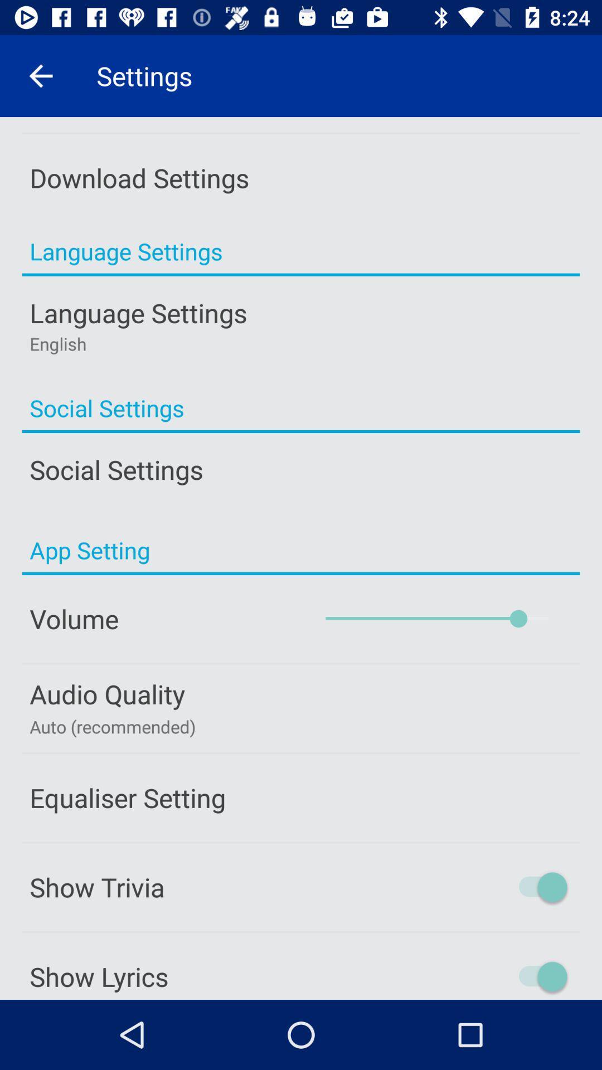 The height and width of the screenshot is (1070, 602). What do you see at coordinates (495, 976) in the screenshot?
I see `the item to the right of show lyrics icon` at bounding box center [495, 976].